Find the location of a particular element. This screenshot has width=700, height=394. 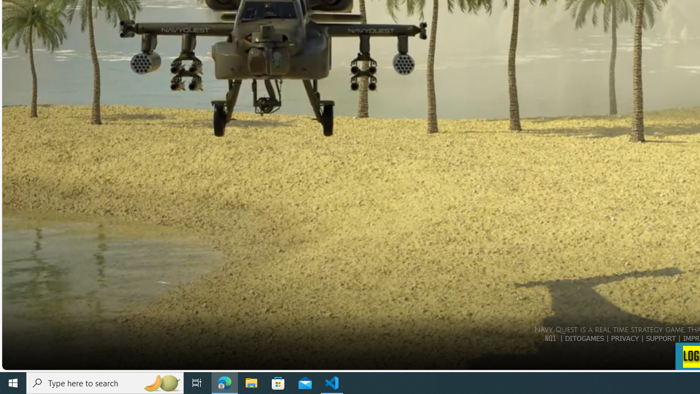

'Start' is located at coordinates (13, 382).